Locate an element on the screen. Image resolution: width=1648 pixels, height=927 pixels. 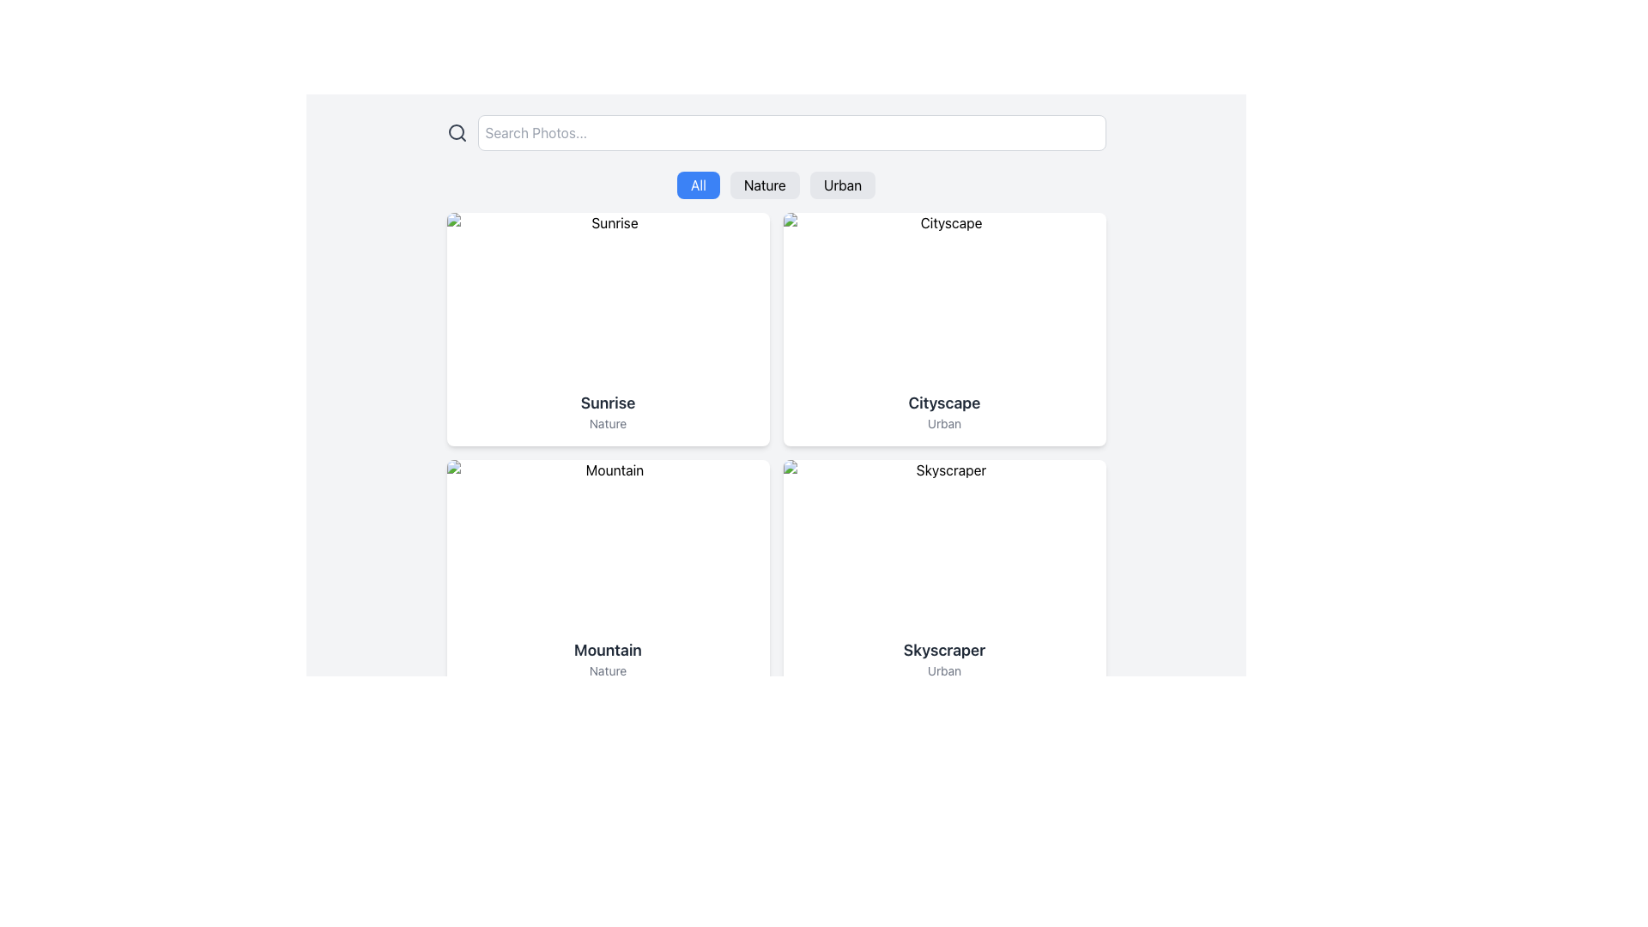
the text element displaying 'Urban', which is styled in a smaller and lighter font and positioned directly below the 'Cityscape' text in a card layout is located at coordinates (943, 423).